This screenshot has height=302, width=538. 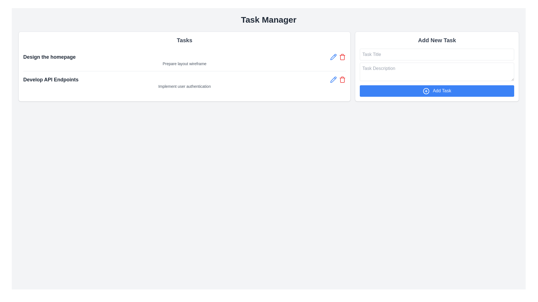 I want to click on the 'Add Task' button, which has a blue background and white text, so click(x=437, y=91).